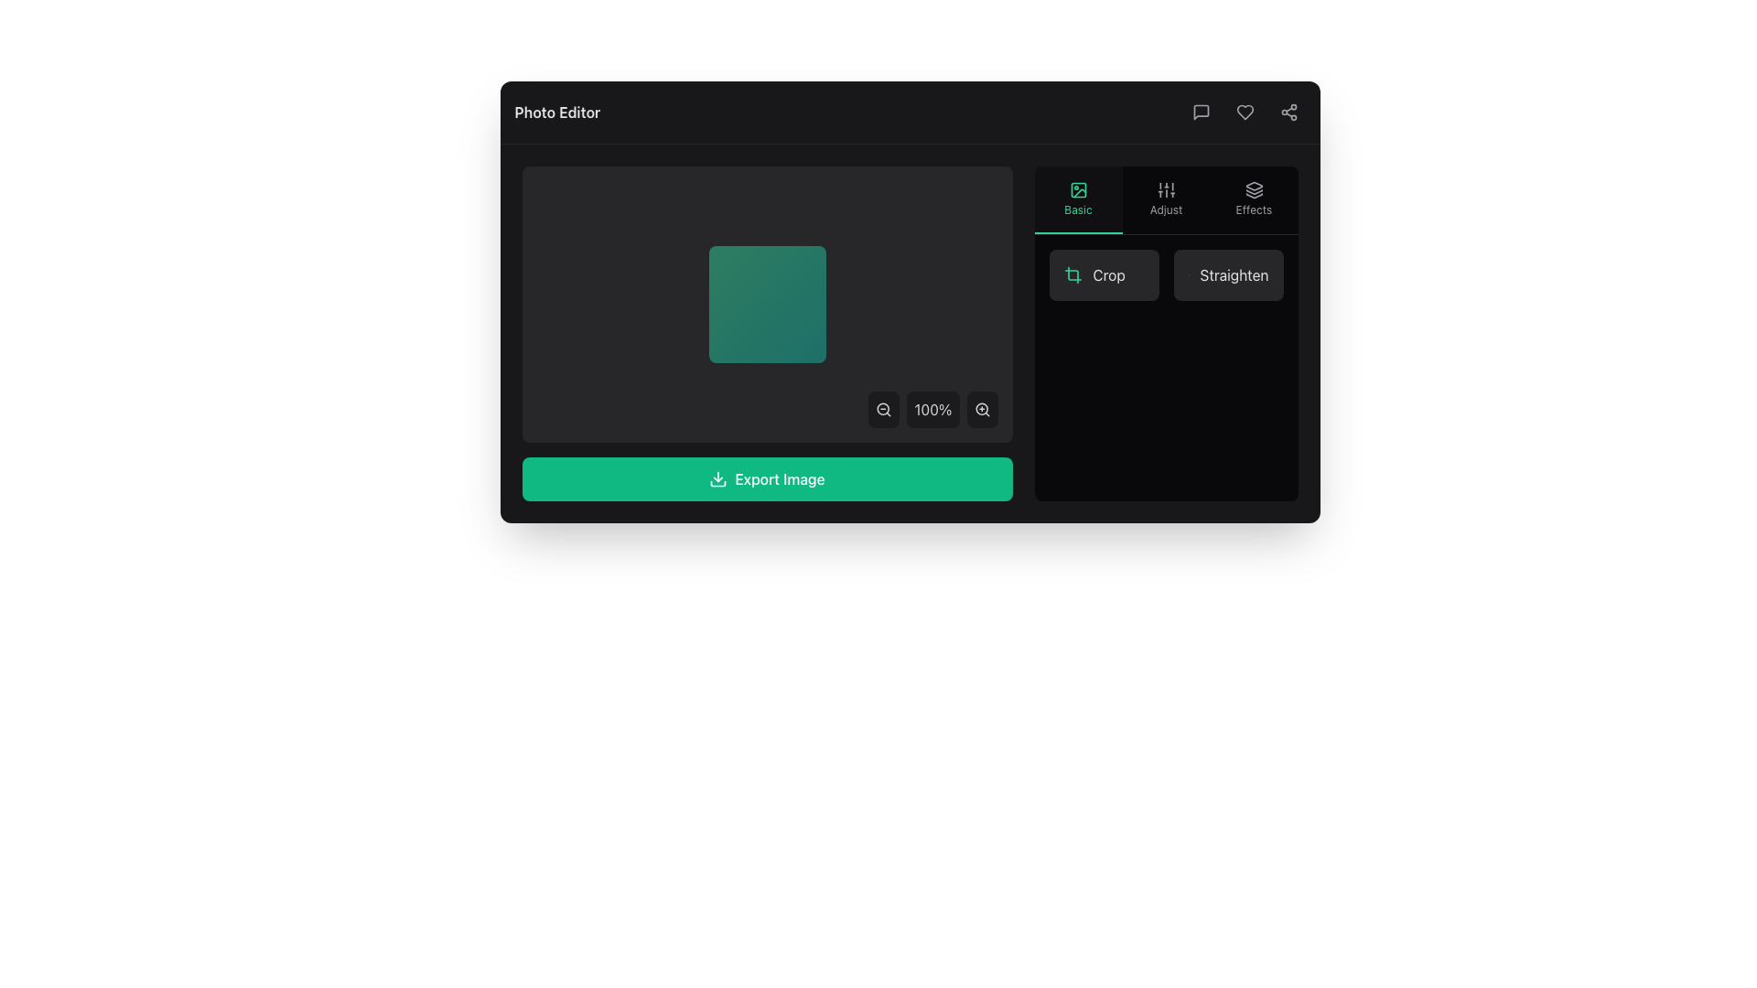 This screenshot has height=988, width=1757. Describe the element at coordinates (1165, 200) in the screenshot. I see `the 'Adjust' button located in the middle of the right-side panel` at that location.